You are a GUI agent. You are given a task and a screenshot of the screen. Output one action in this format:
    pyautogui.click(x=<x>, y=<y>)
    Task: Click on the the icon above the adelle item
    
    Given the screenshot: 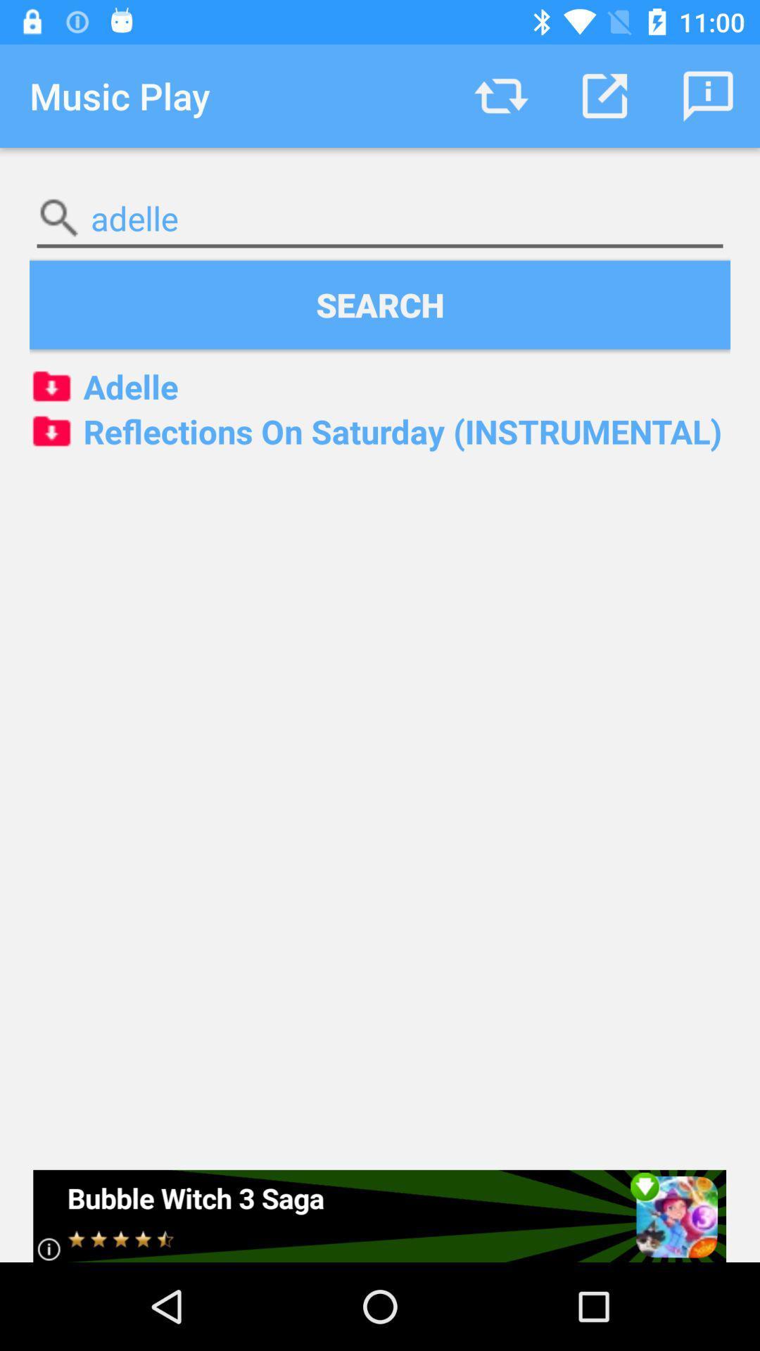 What is the action you would take?
    pyautogui.click(x=708, y=95)
    